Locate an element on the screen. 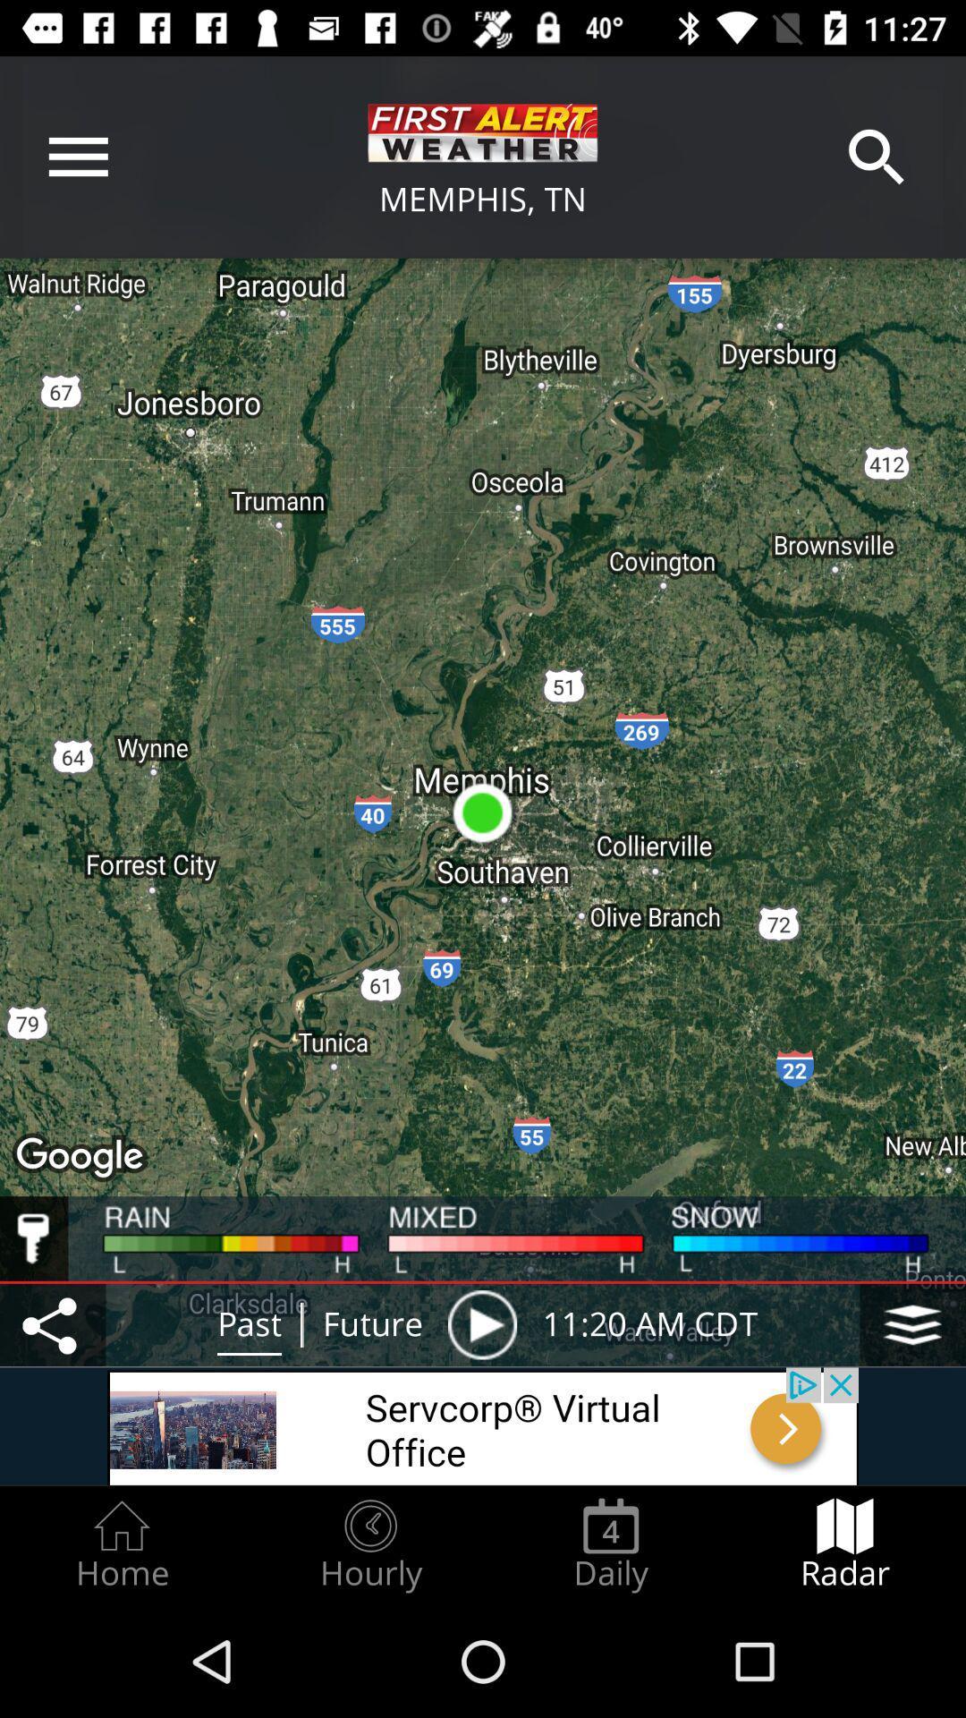 This screenshot has width=966, height=1718. the share icon is located at coordinates (52, 1324).